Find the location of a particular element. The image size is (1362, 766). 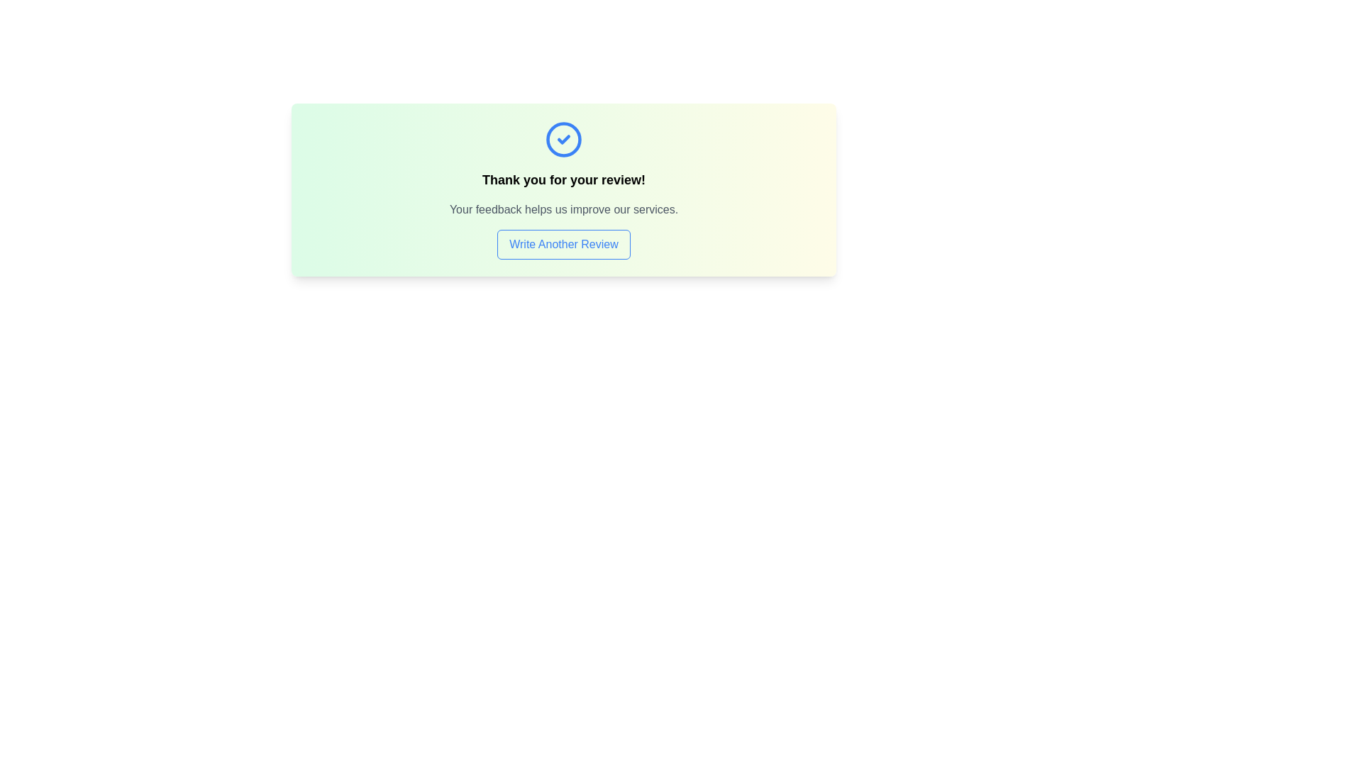

the 'Write Another Review' button, which is a rectangular button with rounded corners and a blue border, located centrally below two lines of text is located at coordinates (563, 243).